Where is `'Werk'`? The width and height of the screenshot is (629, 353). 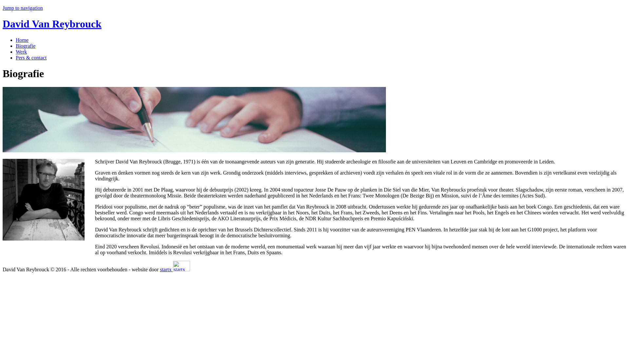
'Werk' is located at coordinates (21, 51).